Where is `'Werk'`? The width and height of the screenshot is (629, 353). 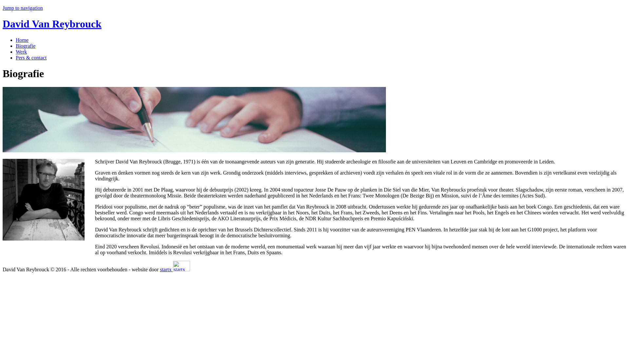
'Werk' is located at coordinates (21, 51).